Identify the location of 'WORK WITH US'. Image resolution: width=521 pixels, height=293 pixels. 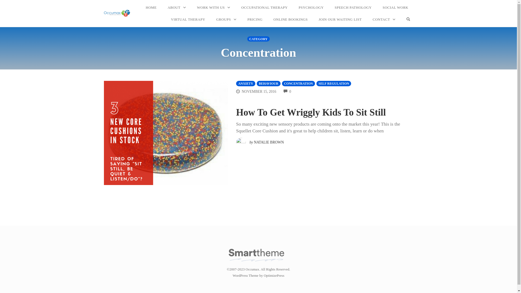
(213, 7).